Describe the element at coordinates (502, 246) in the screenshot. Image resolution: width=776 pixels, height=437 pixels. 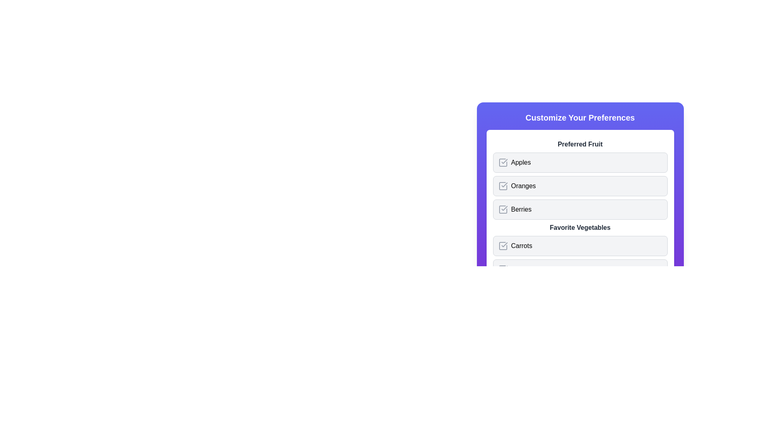
I see `the checkbox icon for 'Carrots' under the 'Favorite Vegetables' section` at that location.